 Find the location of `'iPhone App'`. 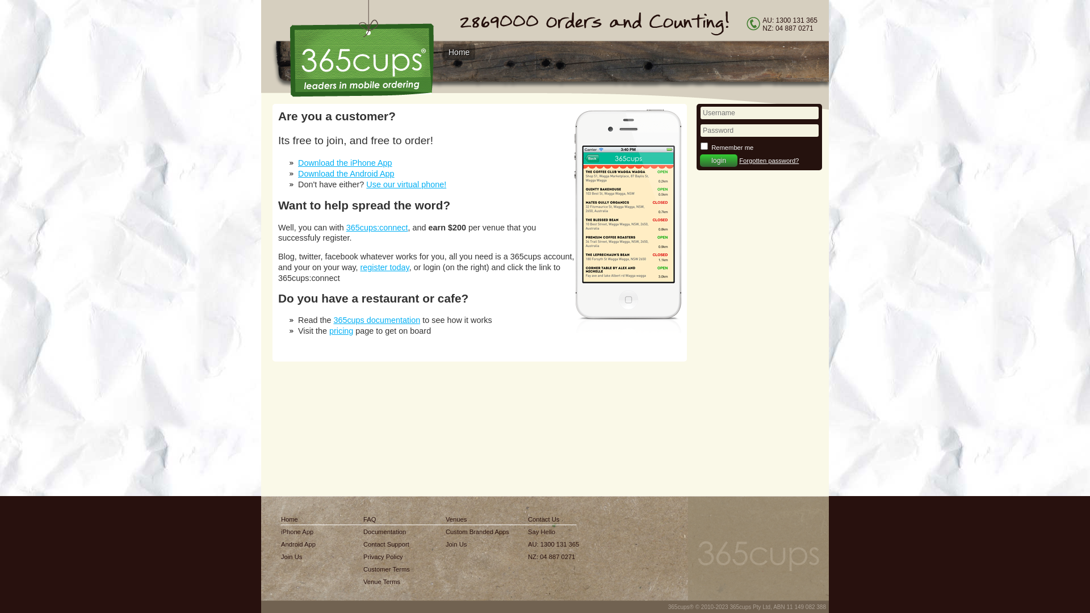

'iPhone App' is located at coordinates (298, 532).